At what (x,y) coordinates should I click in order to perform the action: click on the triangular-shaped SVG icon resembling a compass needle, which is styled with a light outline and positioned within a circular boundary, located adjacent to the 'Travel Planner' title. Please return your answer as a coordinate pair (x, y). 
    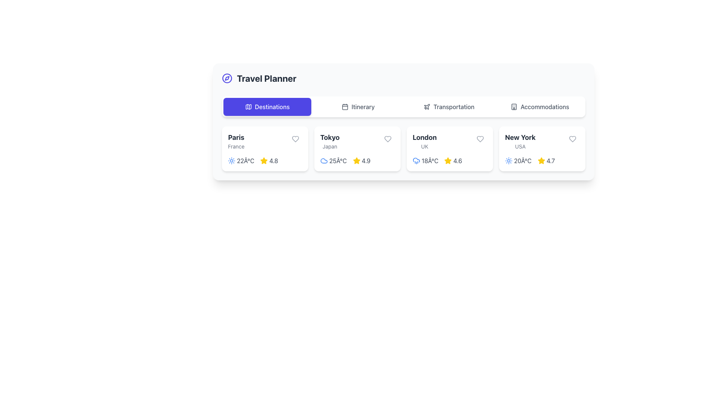
    Looking at the image, I should click on (226, 78).